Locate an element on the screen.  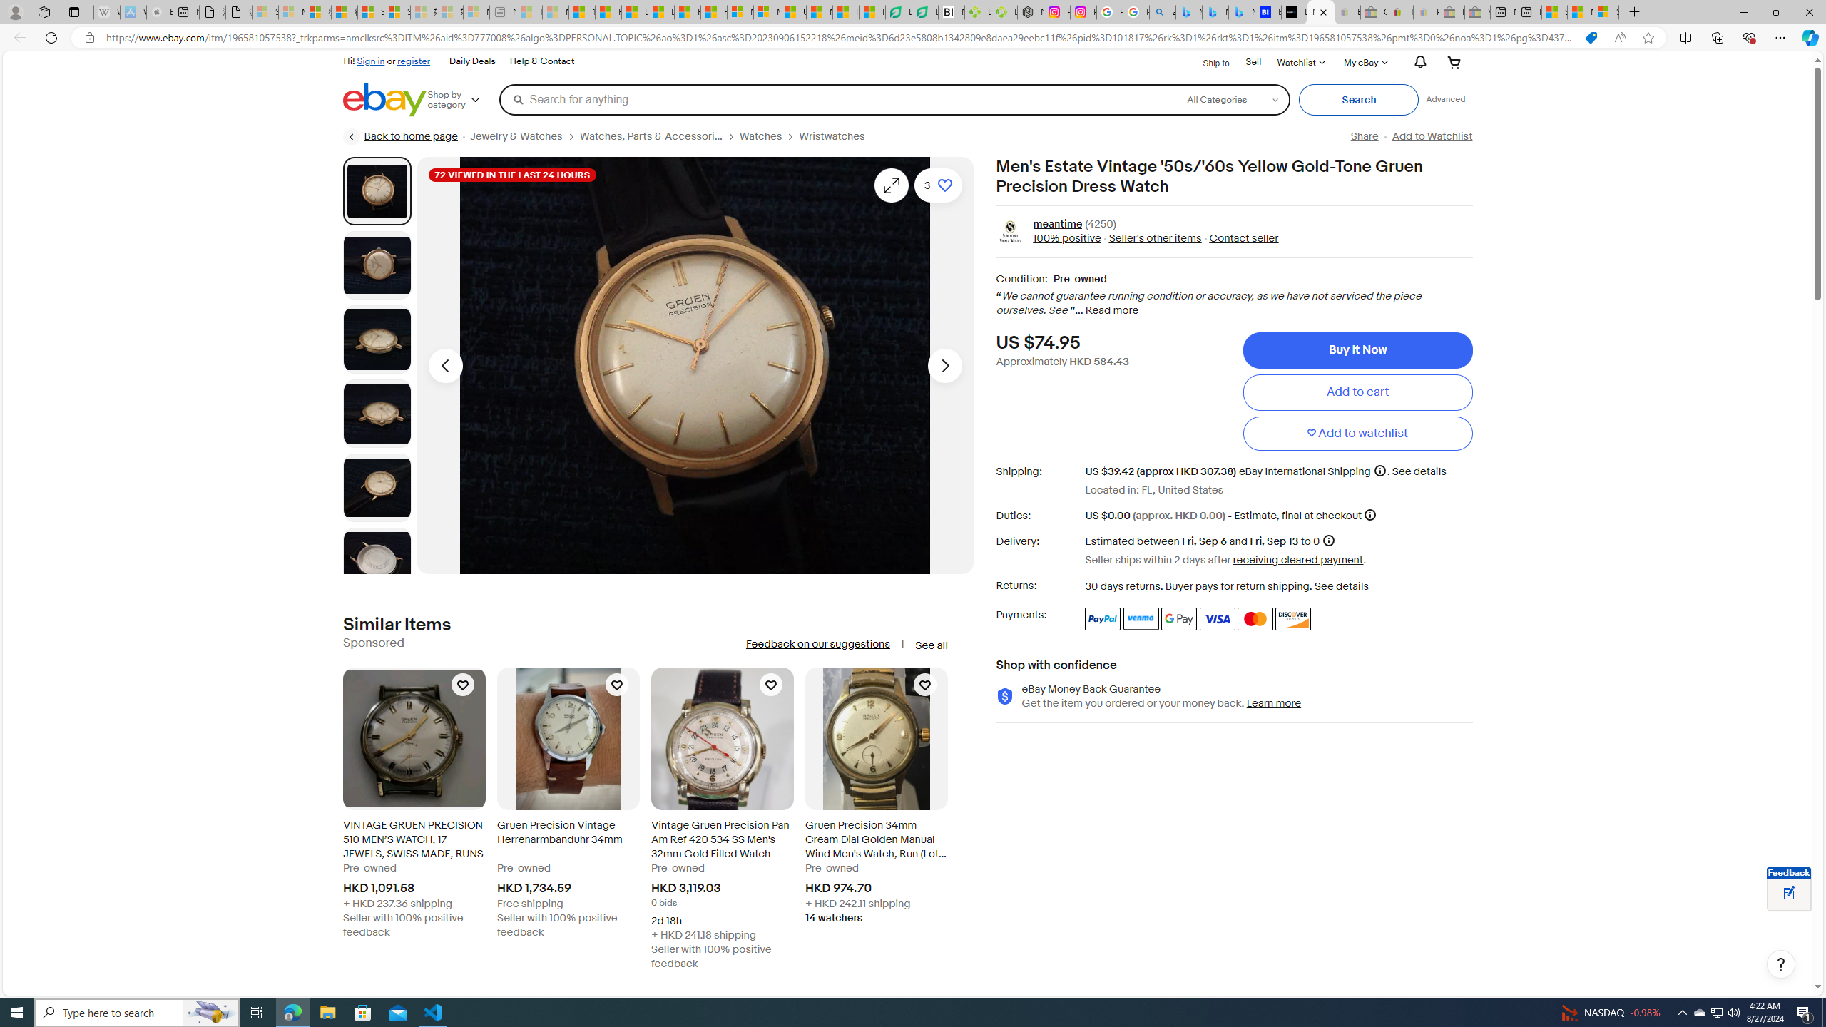
'Visa' is located at coordinates (1218, 618).